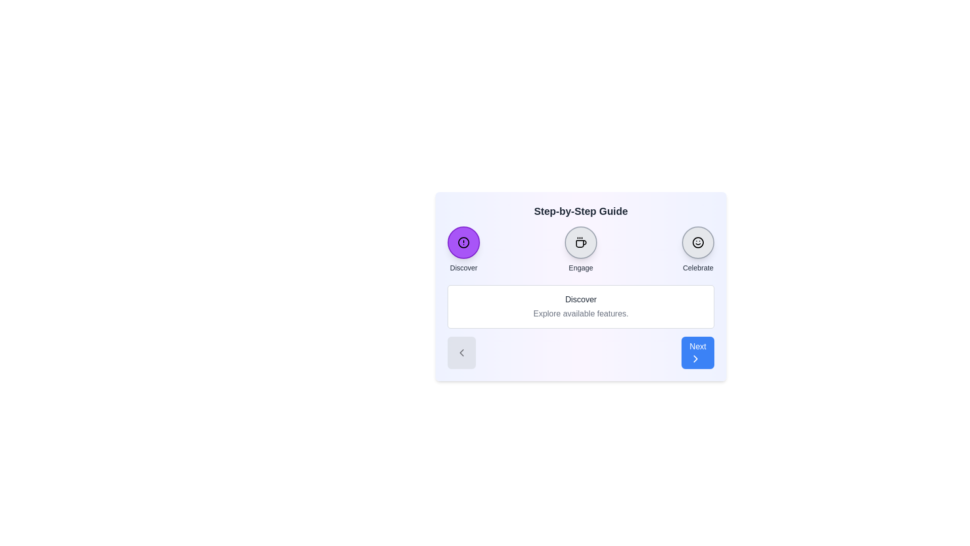 Image resolution: width=970 pixels, height=546 pixels. Describe the element at coordinates (463, 242) in the screenshot. I see `the circular button with a purple background labeled 'Discover'` at that location.